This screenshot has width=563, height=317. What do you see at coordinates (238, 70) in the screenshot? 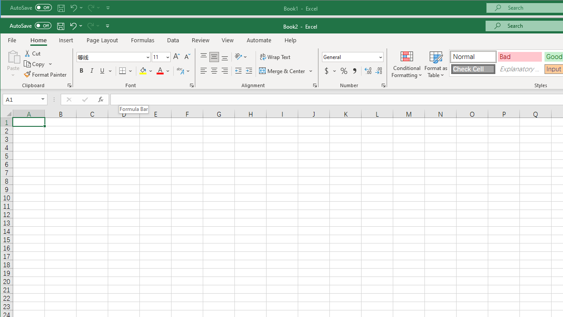
I see `'Decrease Indent'` at bounding box center [238, 70].